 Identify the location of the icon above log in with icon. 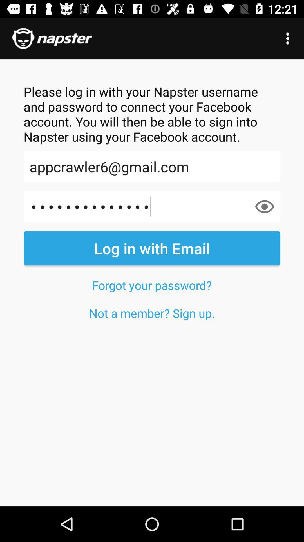
(265, 206).